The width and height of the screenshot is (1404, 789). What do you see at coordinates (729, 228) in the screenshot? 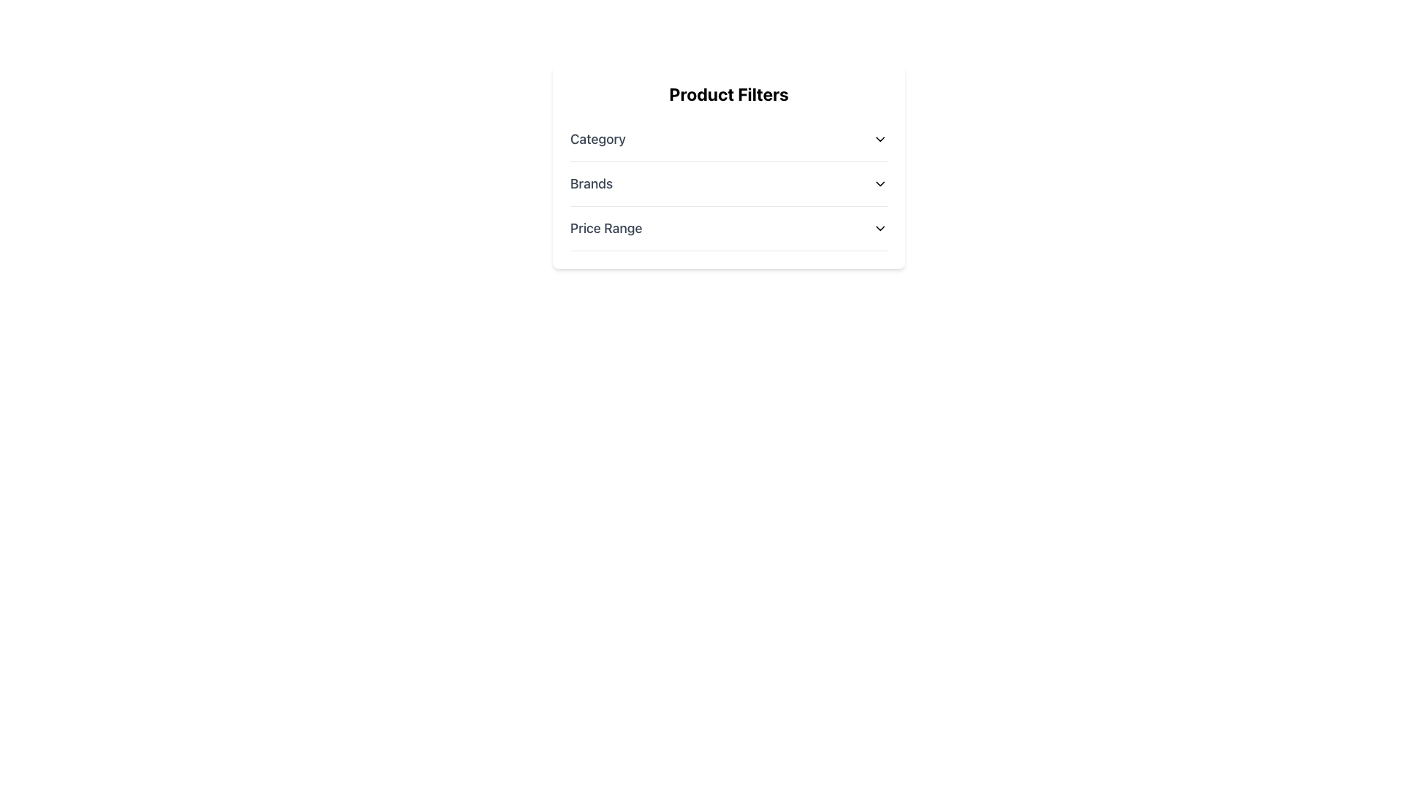
I see `the 'Price Range' dropdown menu to navigate using the keyboard` at bounding box center [729, 228].